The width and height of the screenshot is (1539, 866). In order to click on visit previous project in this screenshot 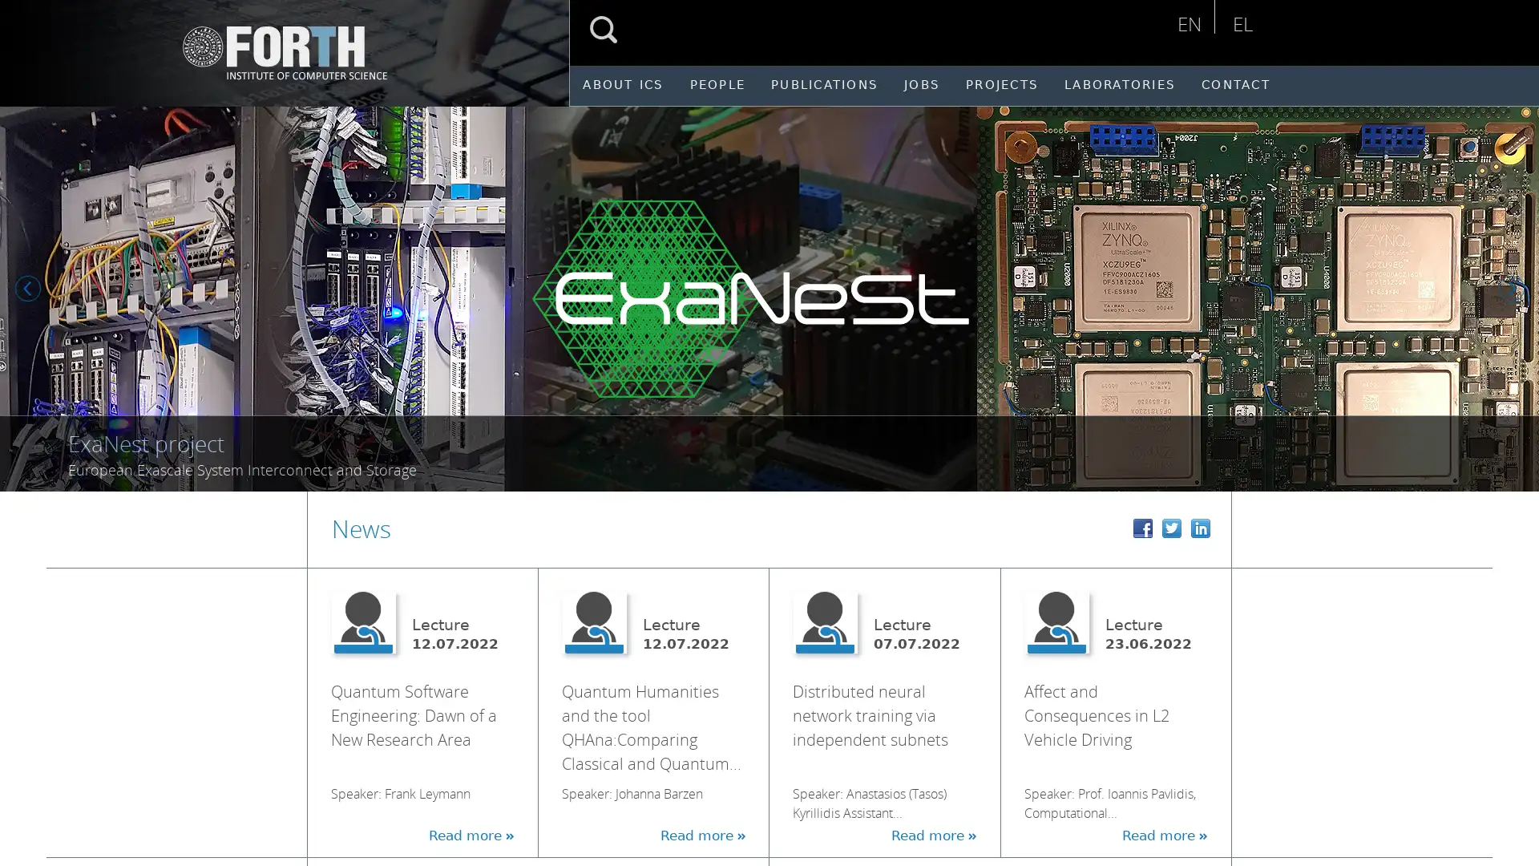, I will do `click(30, 289)`.